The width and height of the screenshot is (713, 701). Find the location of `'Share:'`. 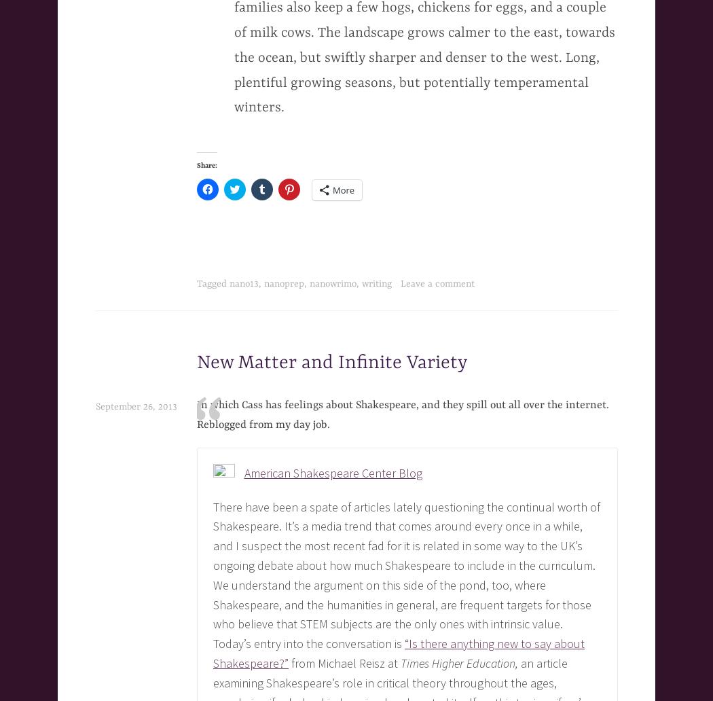

'Share:' is located at coordinates (207, 164).